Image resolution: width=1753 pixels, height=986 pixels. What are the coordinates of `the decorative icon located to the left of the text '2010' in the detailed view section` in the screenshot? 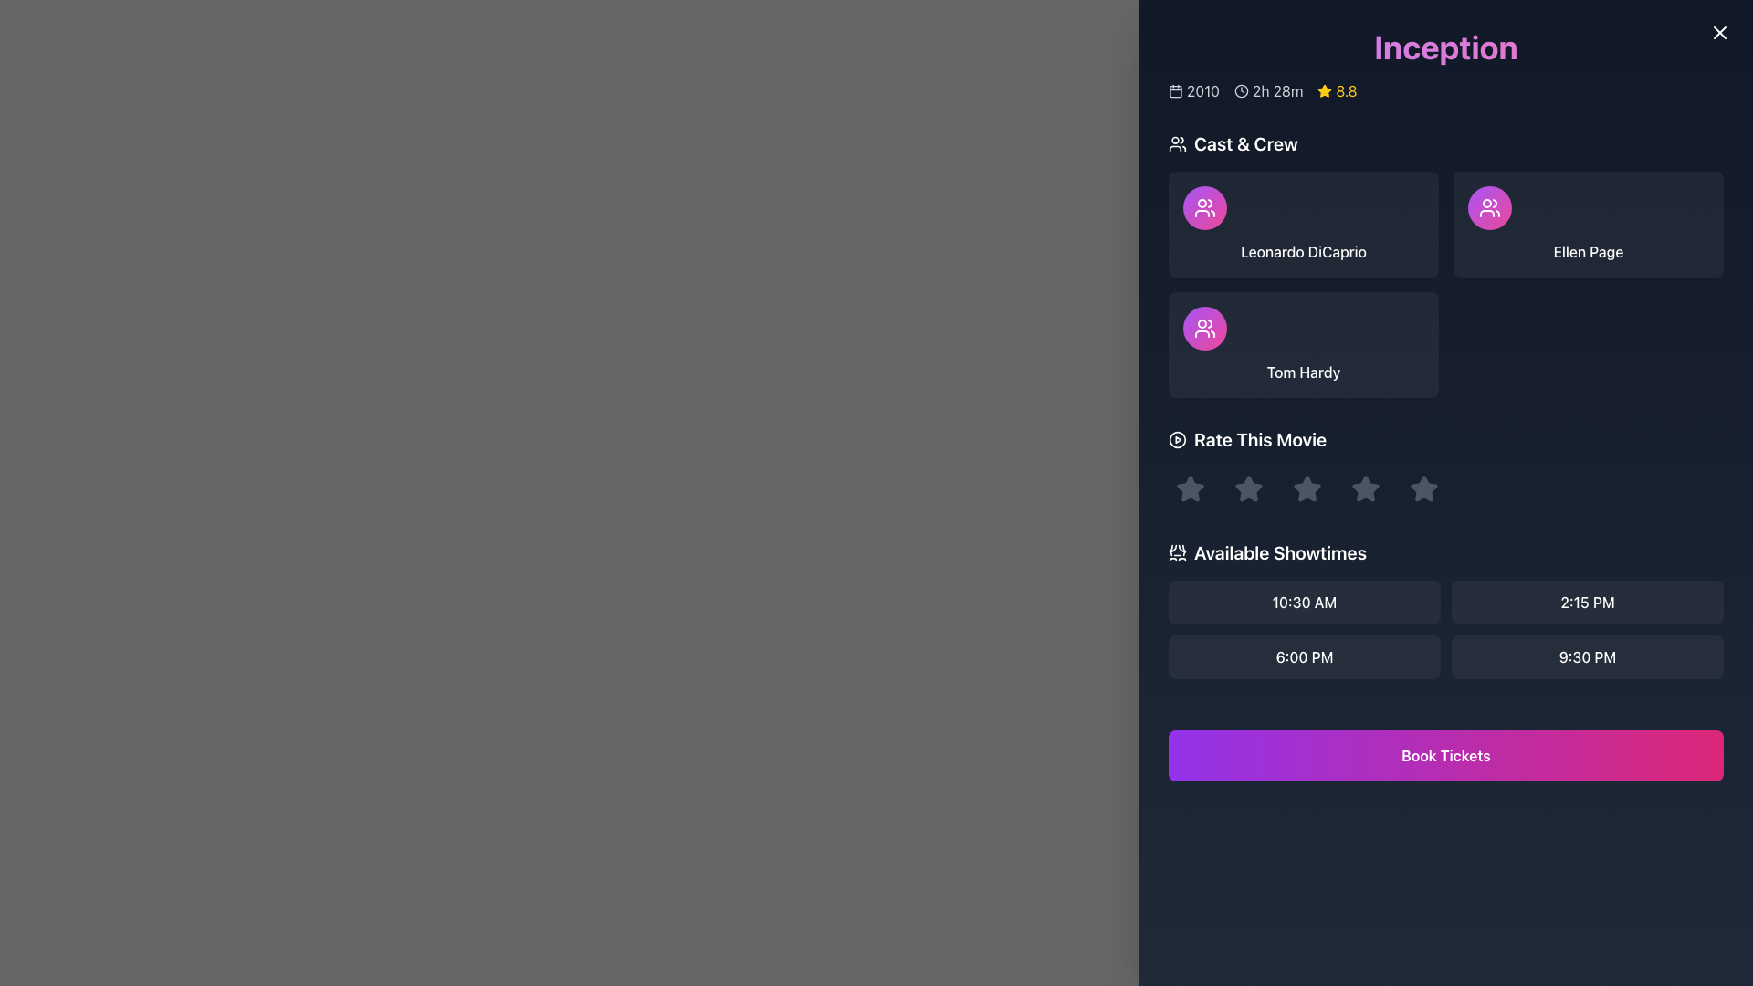 It's located at (1175, 91).